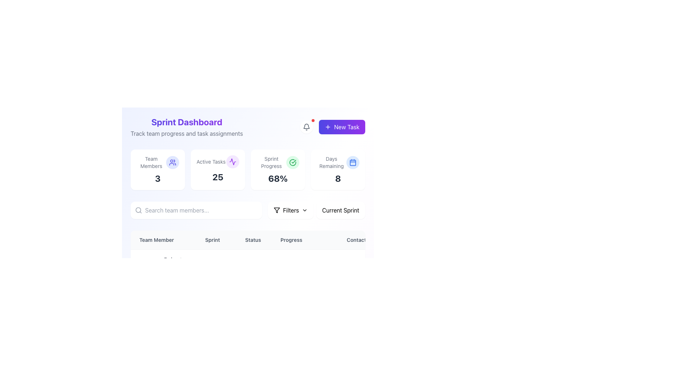  I want to click on the bell-shaped notification icon located in the top-right section of the interface, so click(307, 127).